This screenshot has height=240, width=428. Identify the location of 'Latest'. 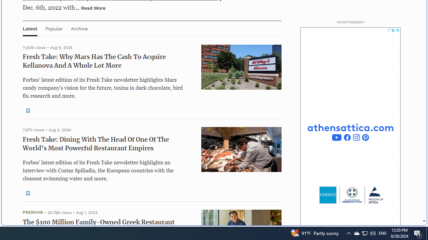
(29, 28).